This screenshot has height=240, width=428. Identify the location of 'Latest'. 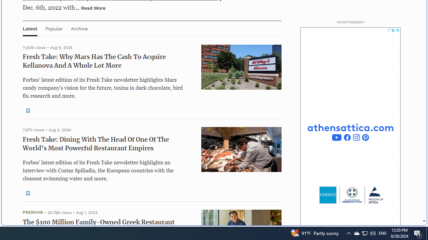
(29, 28).